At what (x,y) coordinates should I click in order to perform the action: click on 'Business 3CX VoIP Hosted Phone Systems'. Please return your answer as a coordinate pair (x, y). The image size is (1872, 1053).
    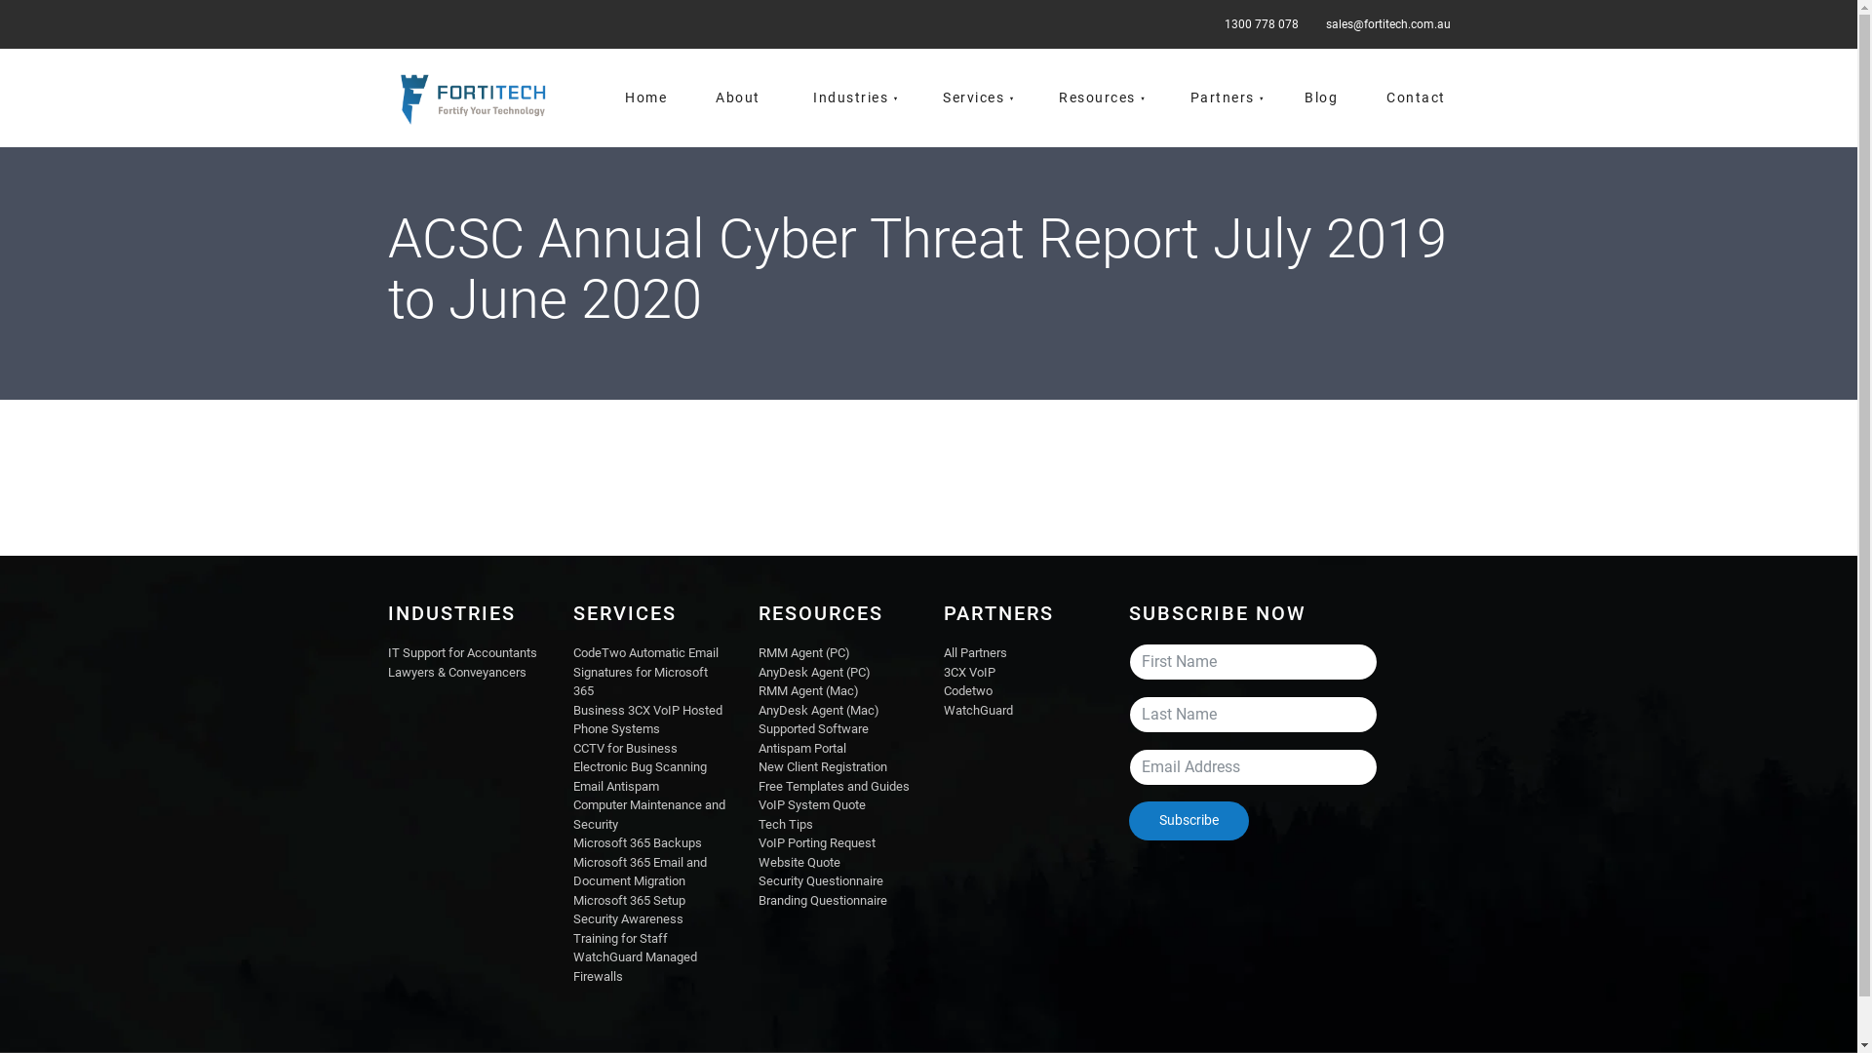
    Looking at the image, I should click on (647, 720).